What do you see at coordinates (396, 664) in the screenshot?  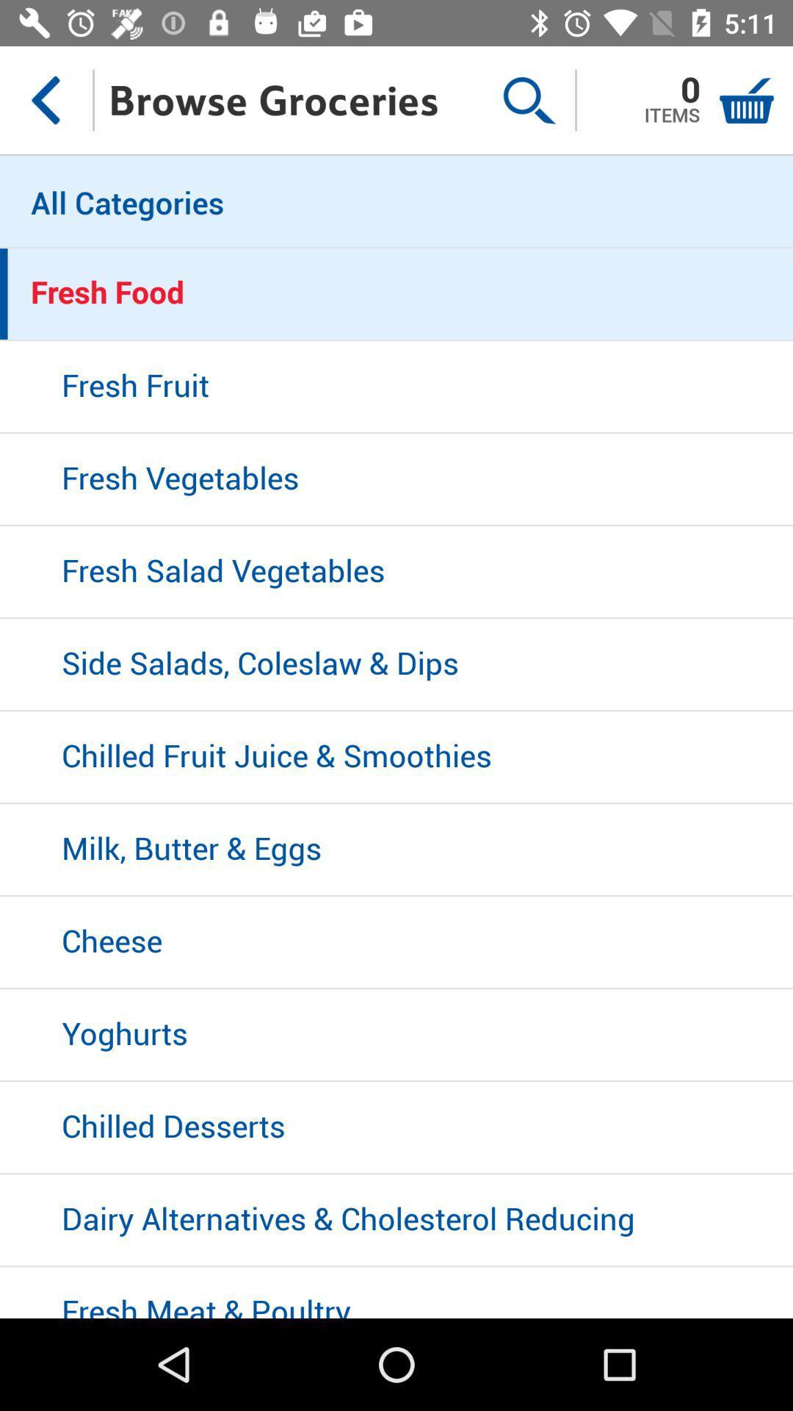 I see `the item below the fresh salad vegetables icon` at bounding box center [396, 664].